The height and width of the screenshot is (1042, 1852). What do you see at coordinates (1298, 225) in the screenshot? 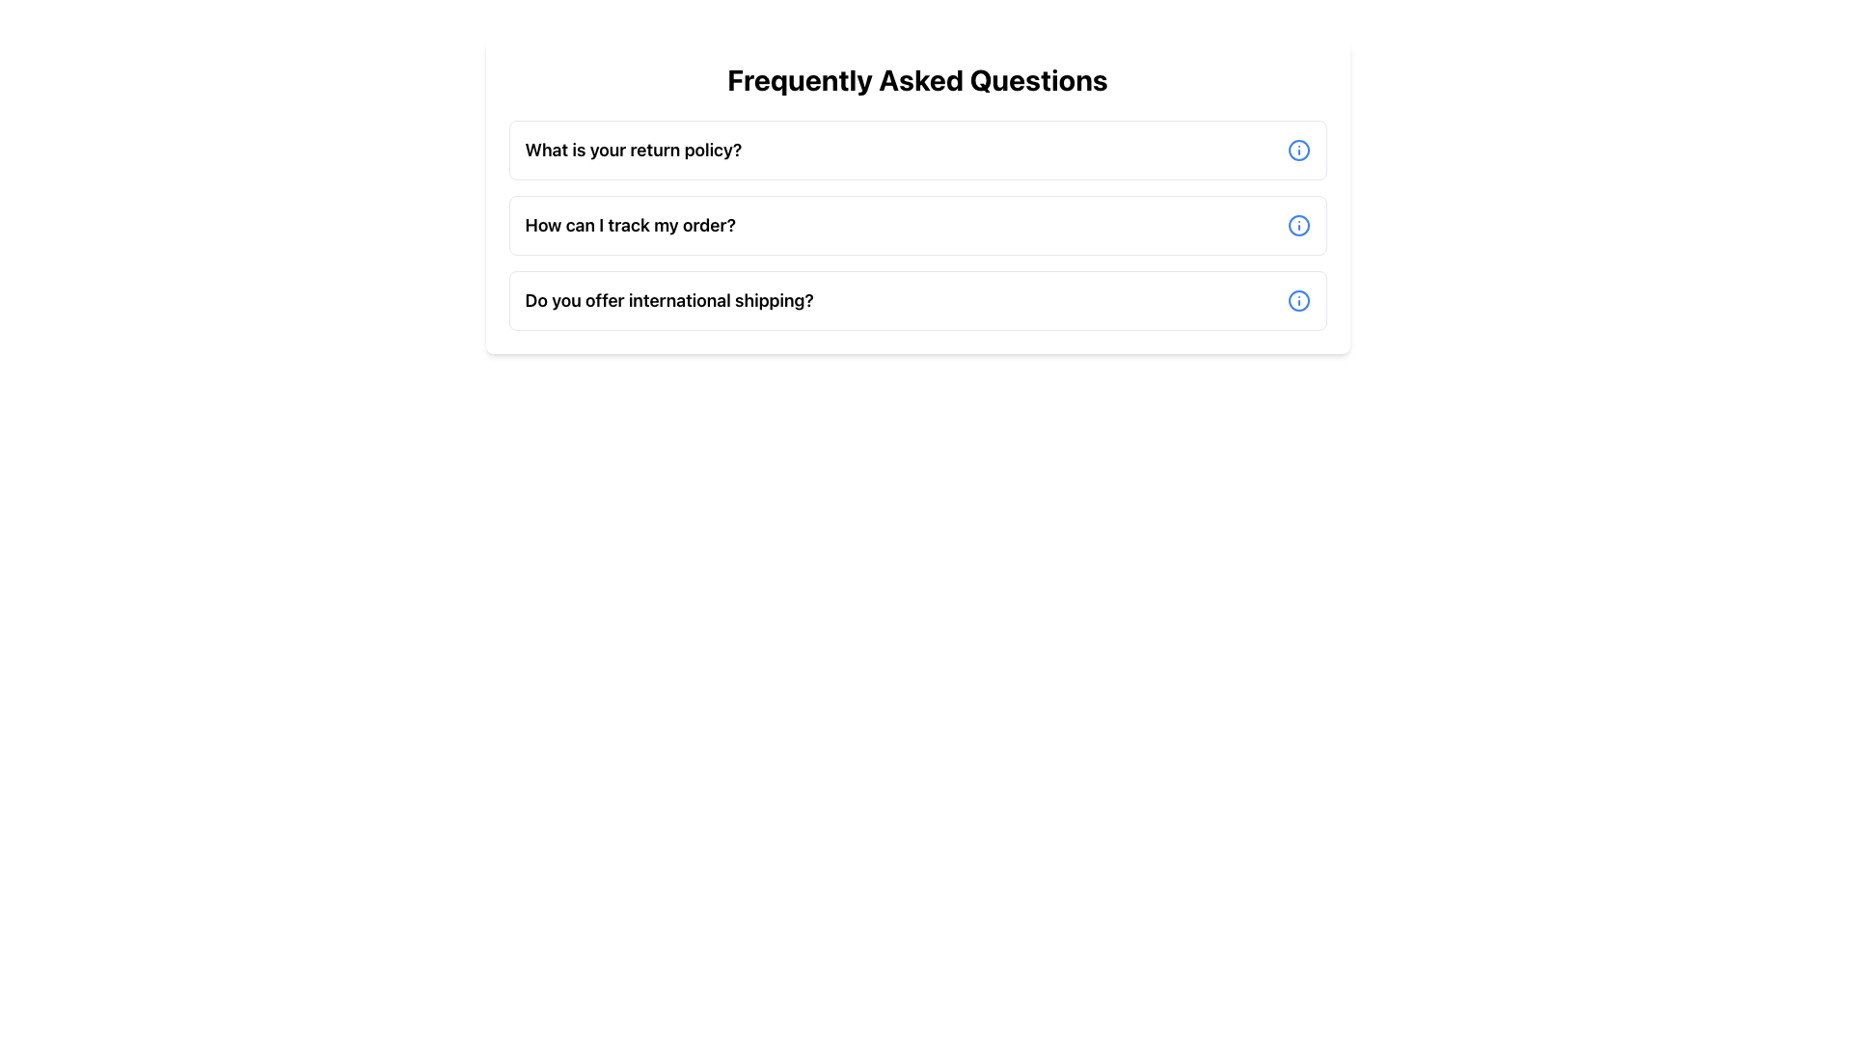
I see `the blue circular icon with an 'i' symbol located at the end of the question 'How can I track my order?' in the Frequently Asked Questions section` at bounding box center [1298, 225].